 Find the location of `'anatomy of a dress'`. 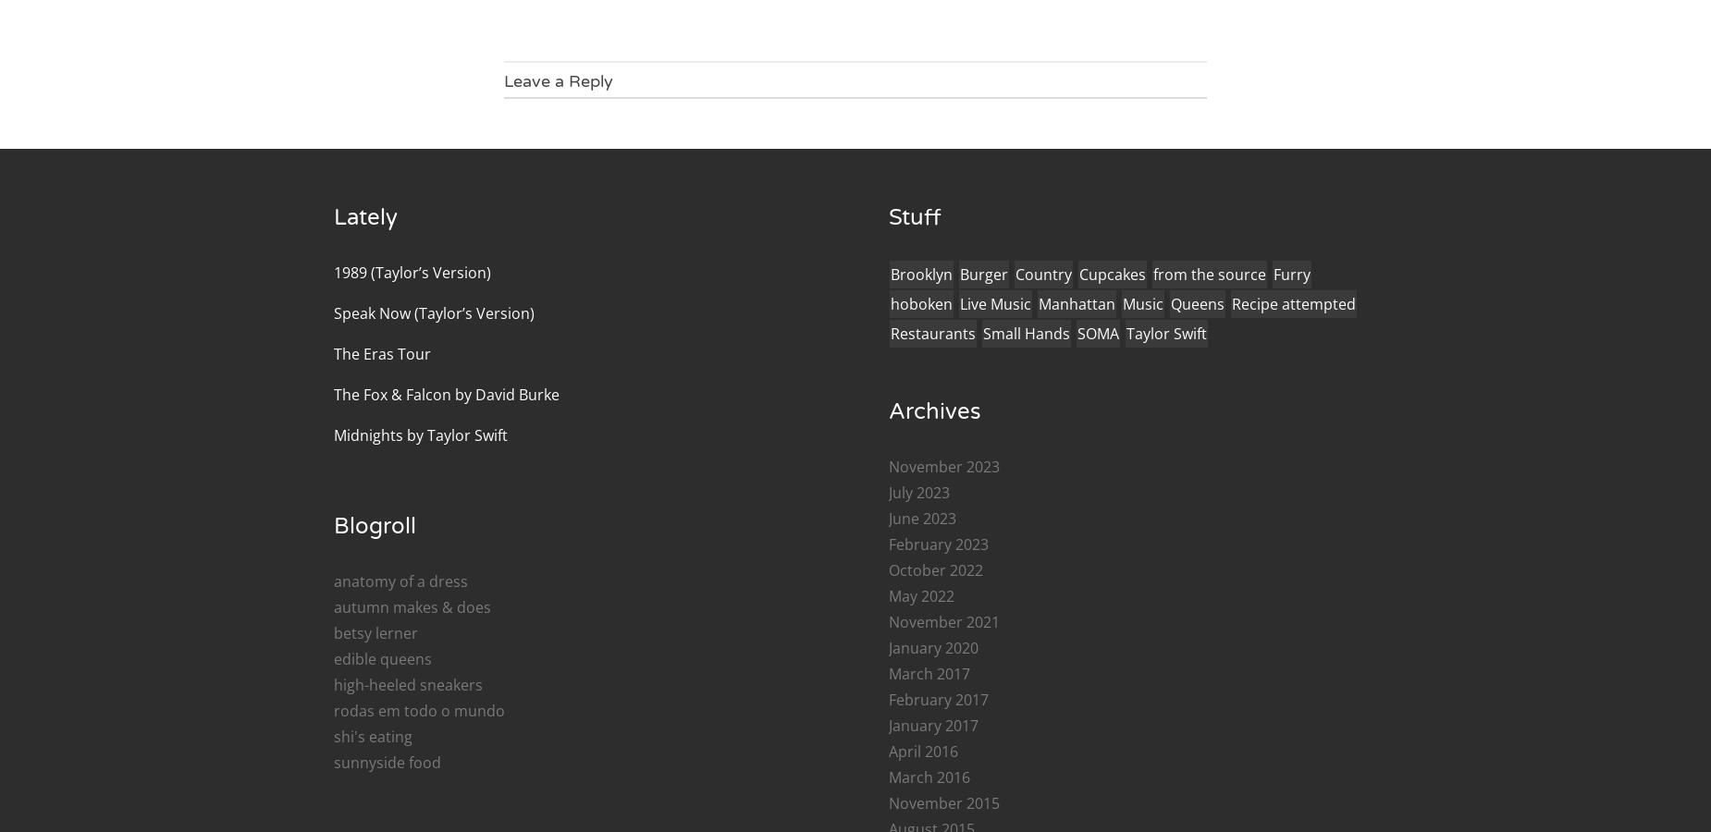

'anatomy of a dress' is located at coordinates (400, 581).